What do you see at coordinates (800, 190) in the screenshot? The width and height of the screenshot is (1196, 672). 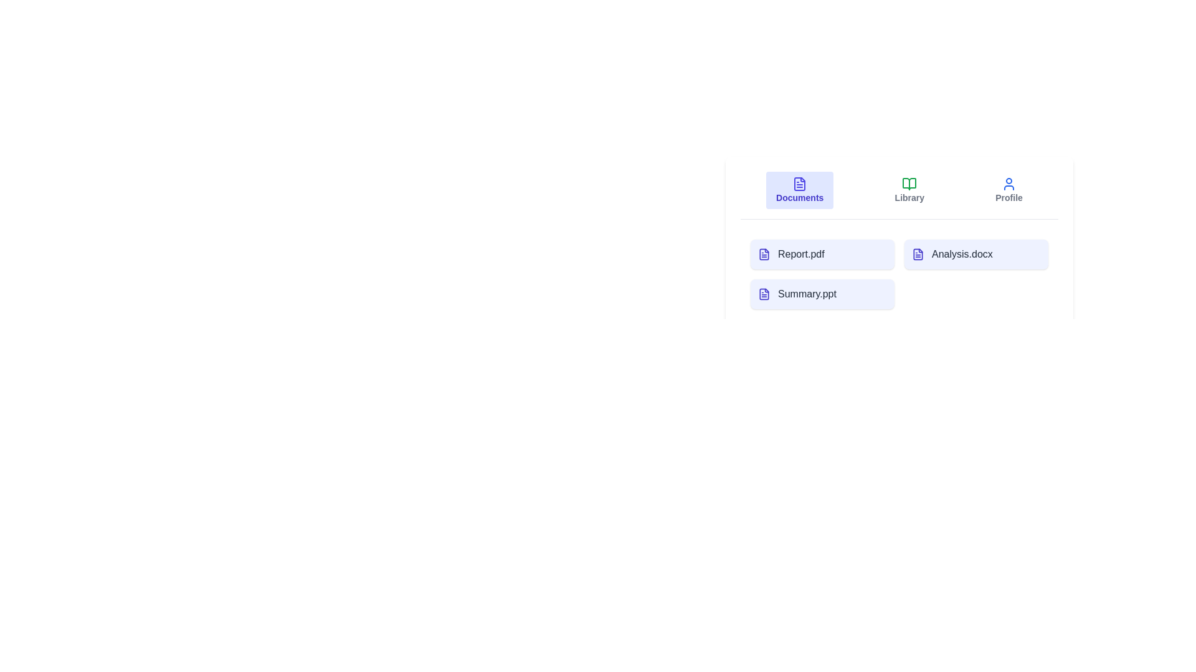 I see `the Documents tab to switch to the corresponding view` at bounding box center [800, 190].